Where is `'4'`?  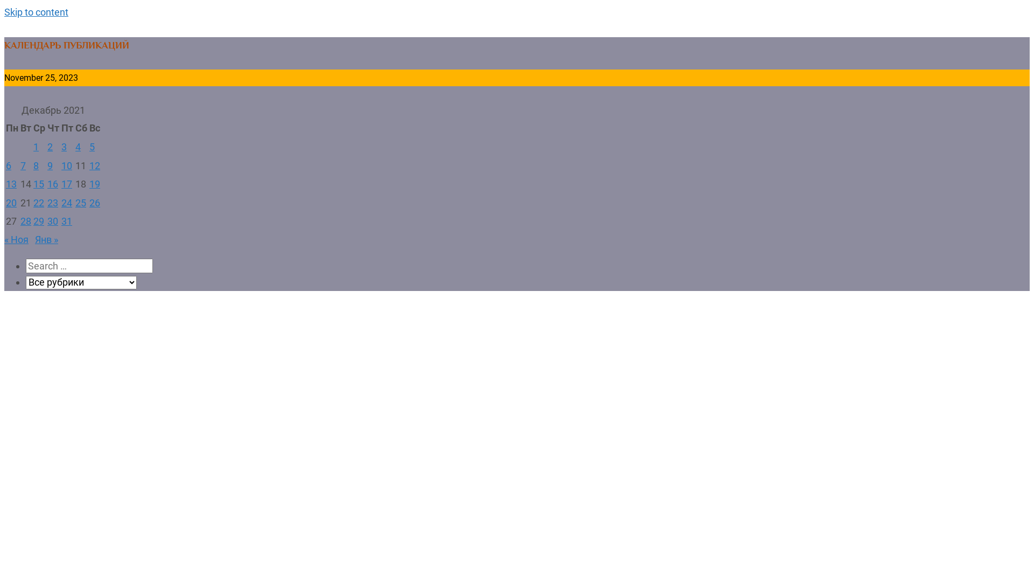
'4' is located at coordinates (74, 147).